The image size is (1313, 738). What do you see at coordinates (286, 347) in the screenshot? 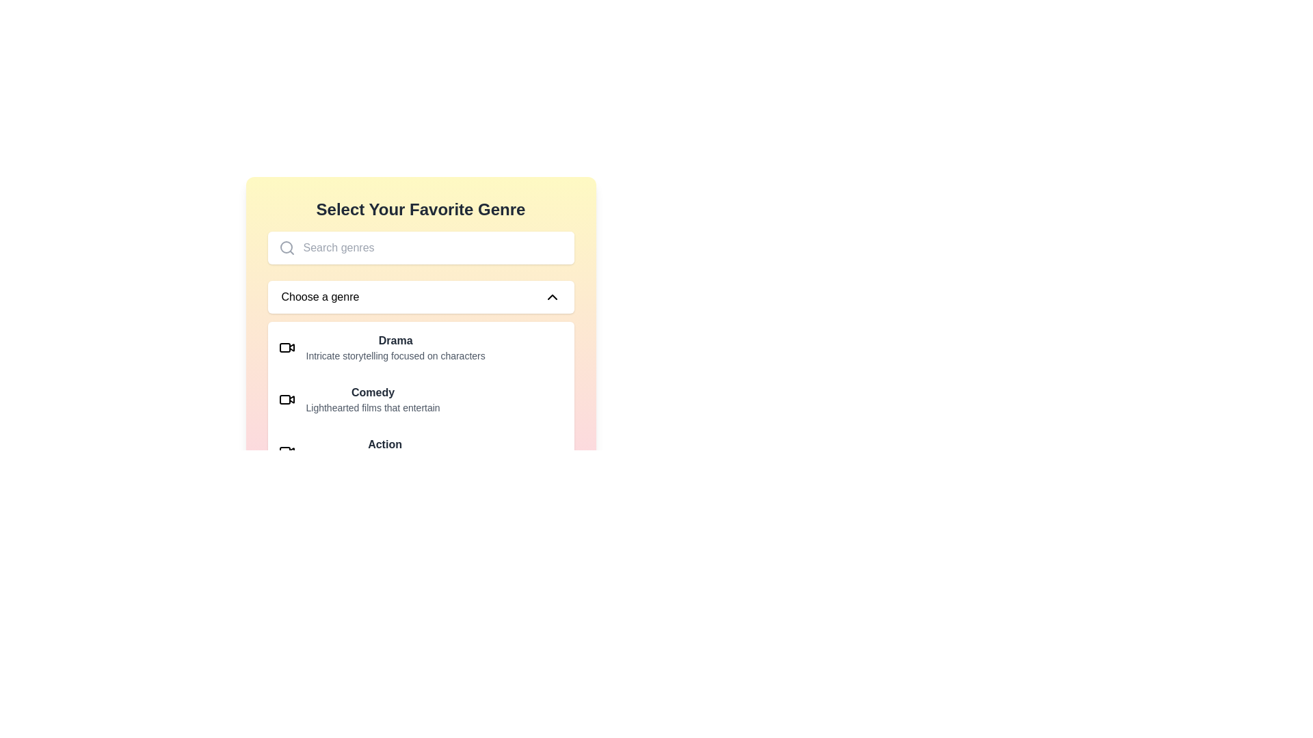
I see `the Drama genre icon located on the left side of the row labeled 'Drama', which serves as a visual indicator for the genre 'Drama'` at bounding box center [286, 347].